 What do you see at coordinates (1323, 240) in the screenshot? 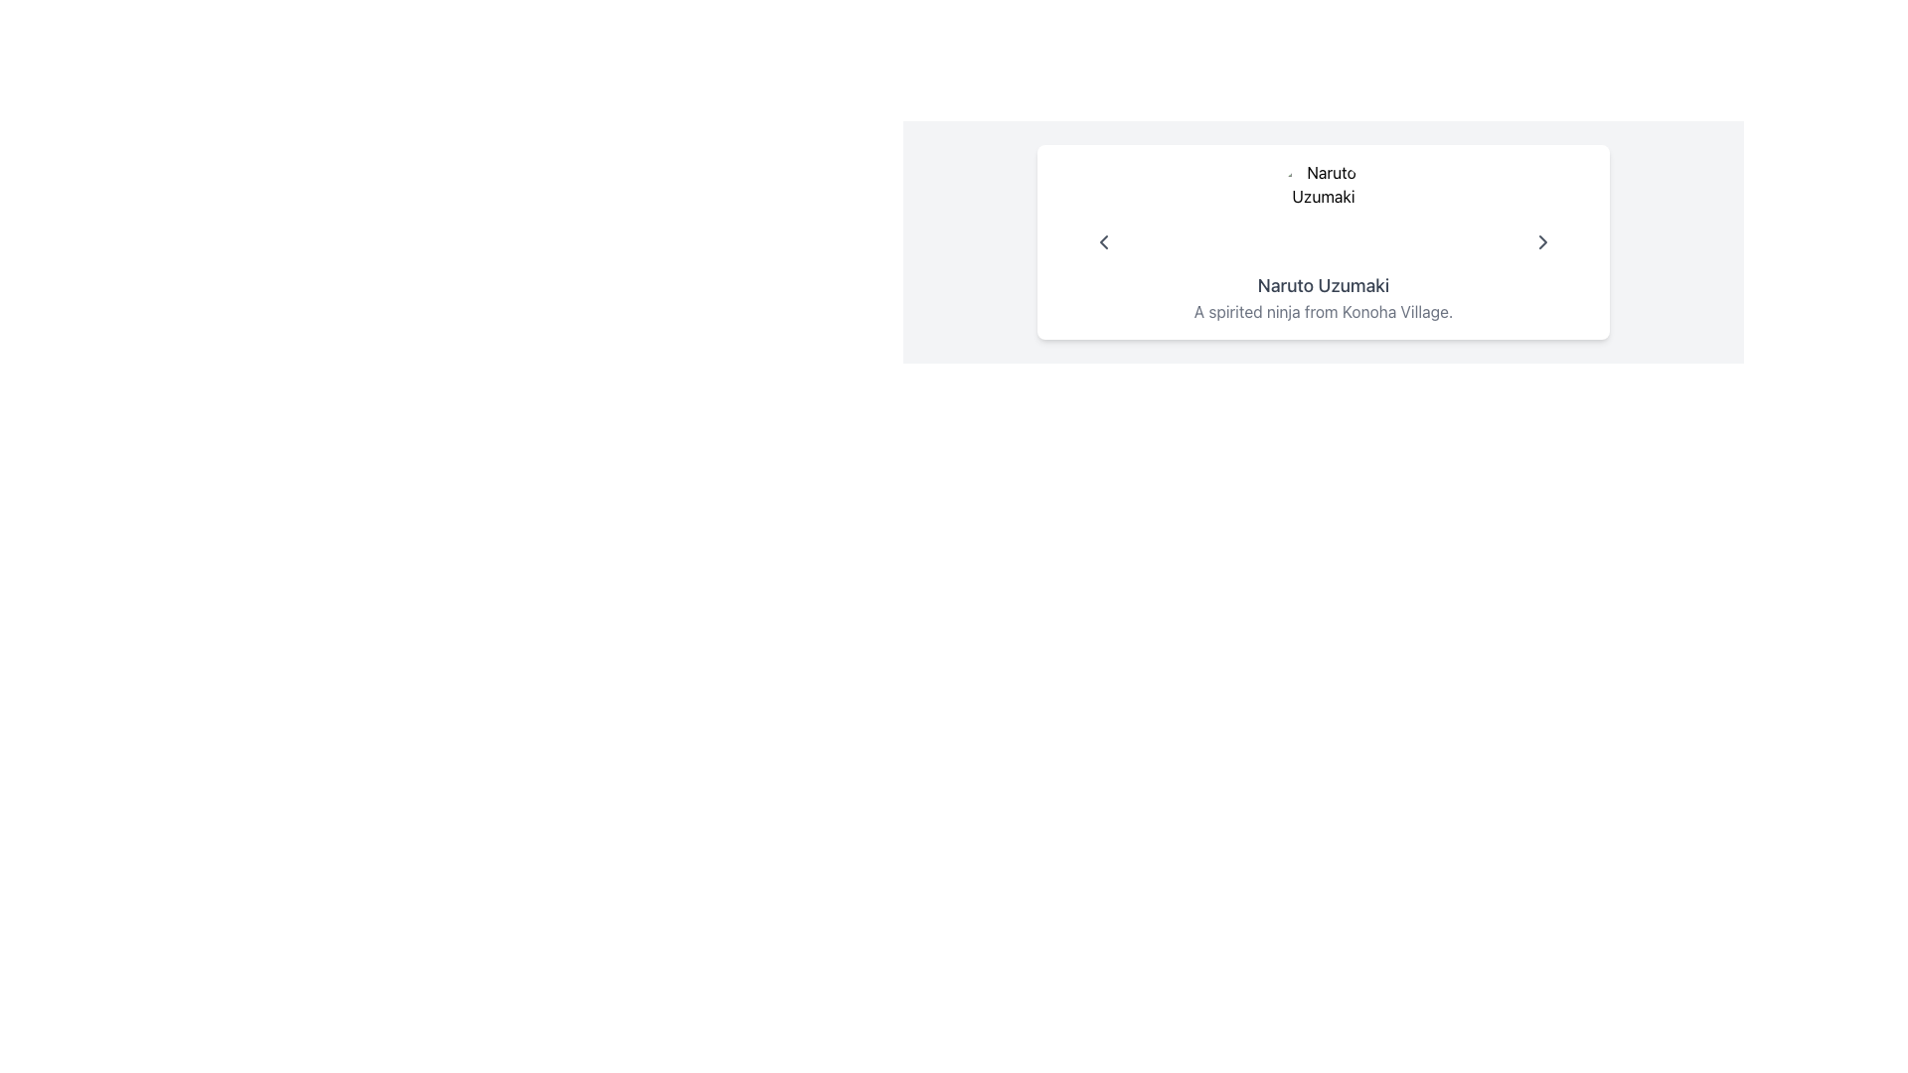
I see `displayed information in the Profile display element that shows 'Naruto Uzumaki' and their details` at bounding box center [1323, 240].